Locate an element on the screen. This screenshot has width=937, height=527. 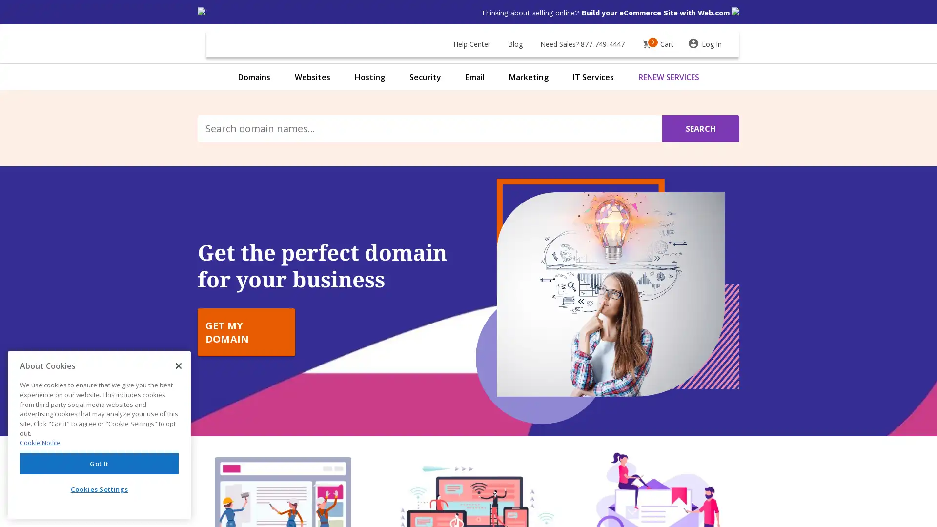
Got It is located at coordinates (99, 463).